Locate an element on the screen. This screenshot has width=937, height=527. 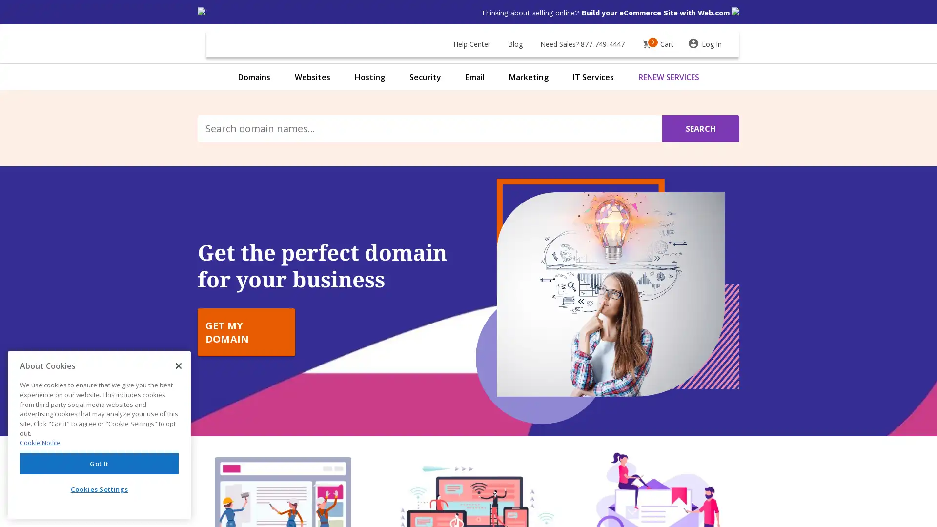
Got It is located at coordinates (99, 463).